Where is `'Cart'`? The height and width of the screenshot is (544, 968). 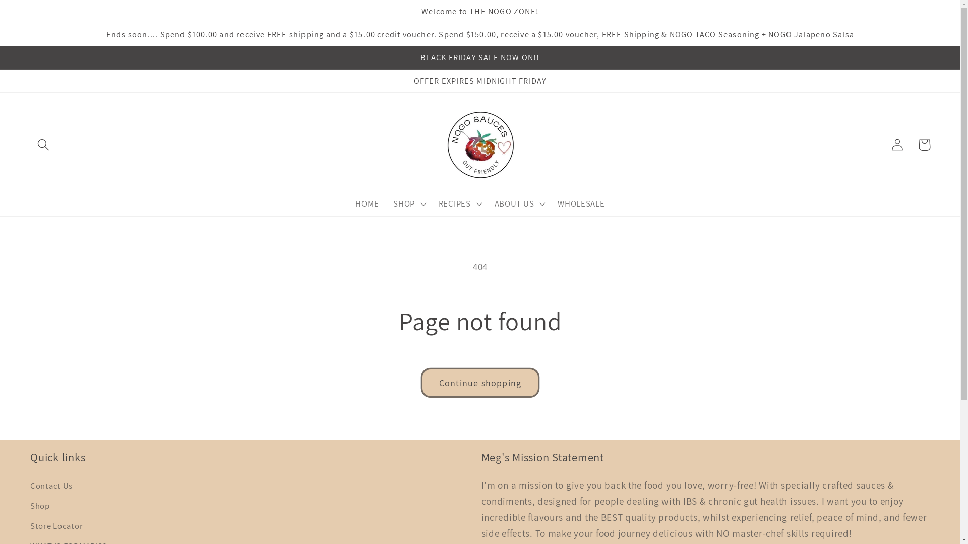 'Cart' is located at coordinates (924, 145).